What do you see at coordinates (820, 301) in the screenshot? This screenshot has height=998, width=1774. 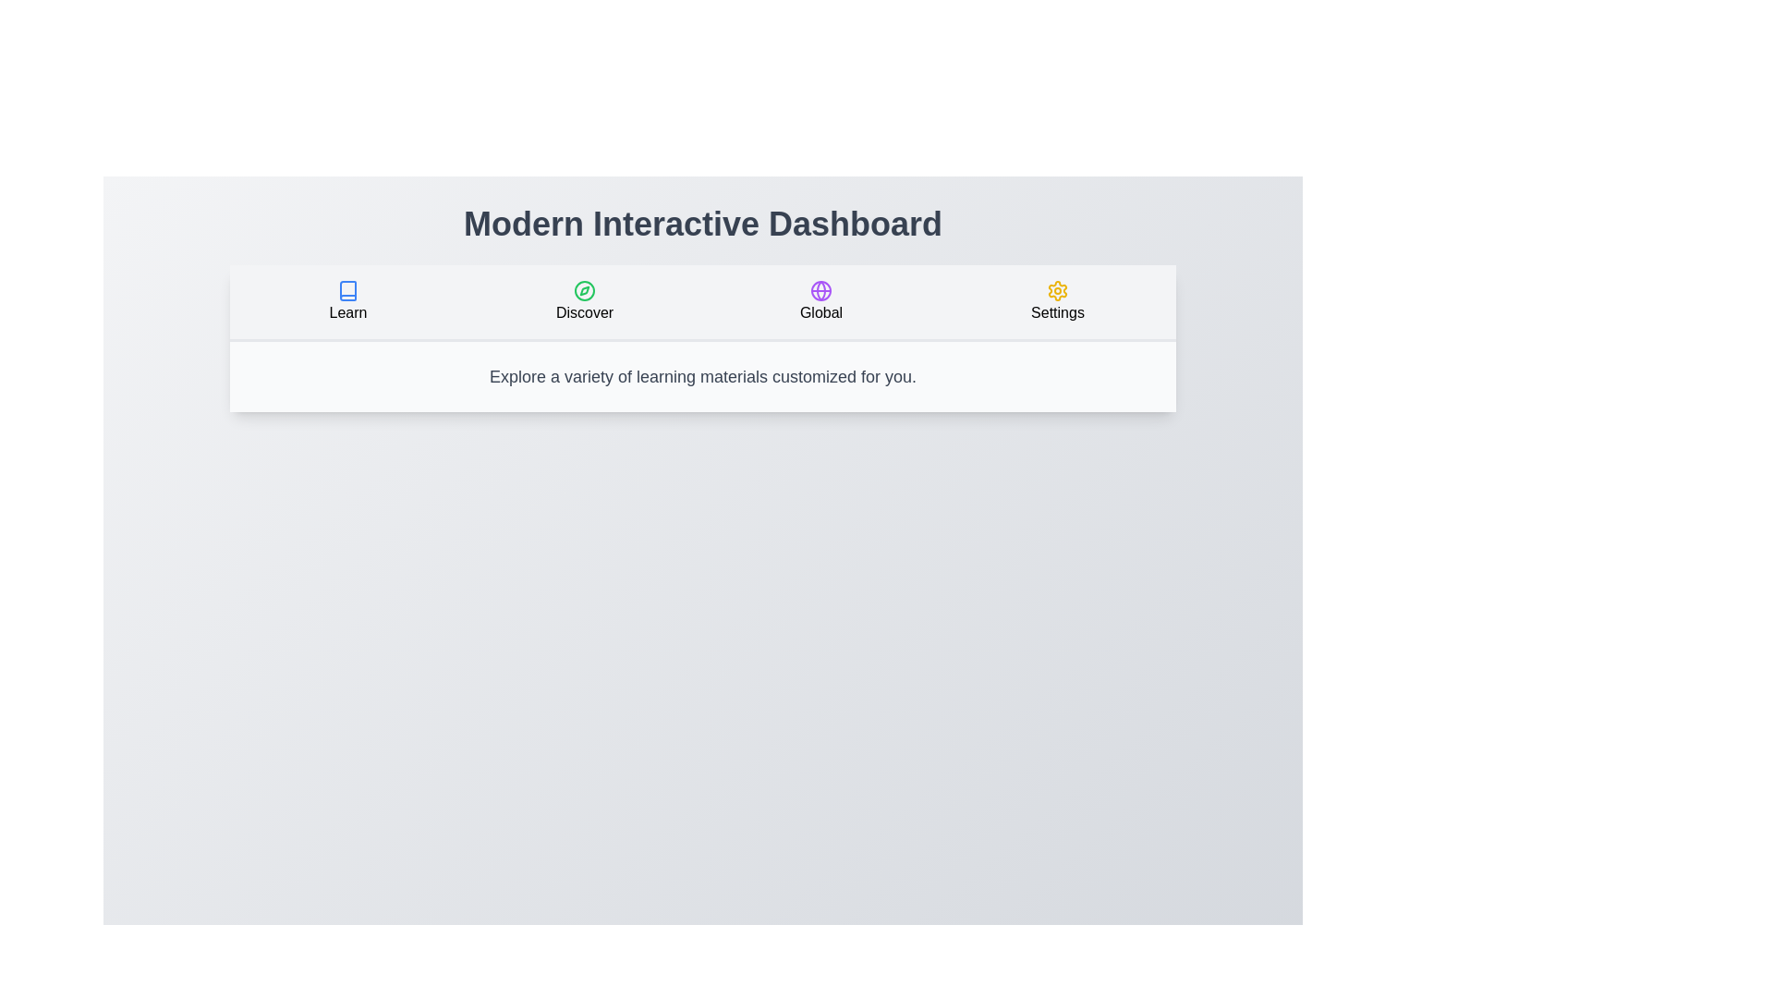 I see `the 'Global' navigational tab` at bounding box center [820, 301].